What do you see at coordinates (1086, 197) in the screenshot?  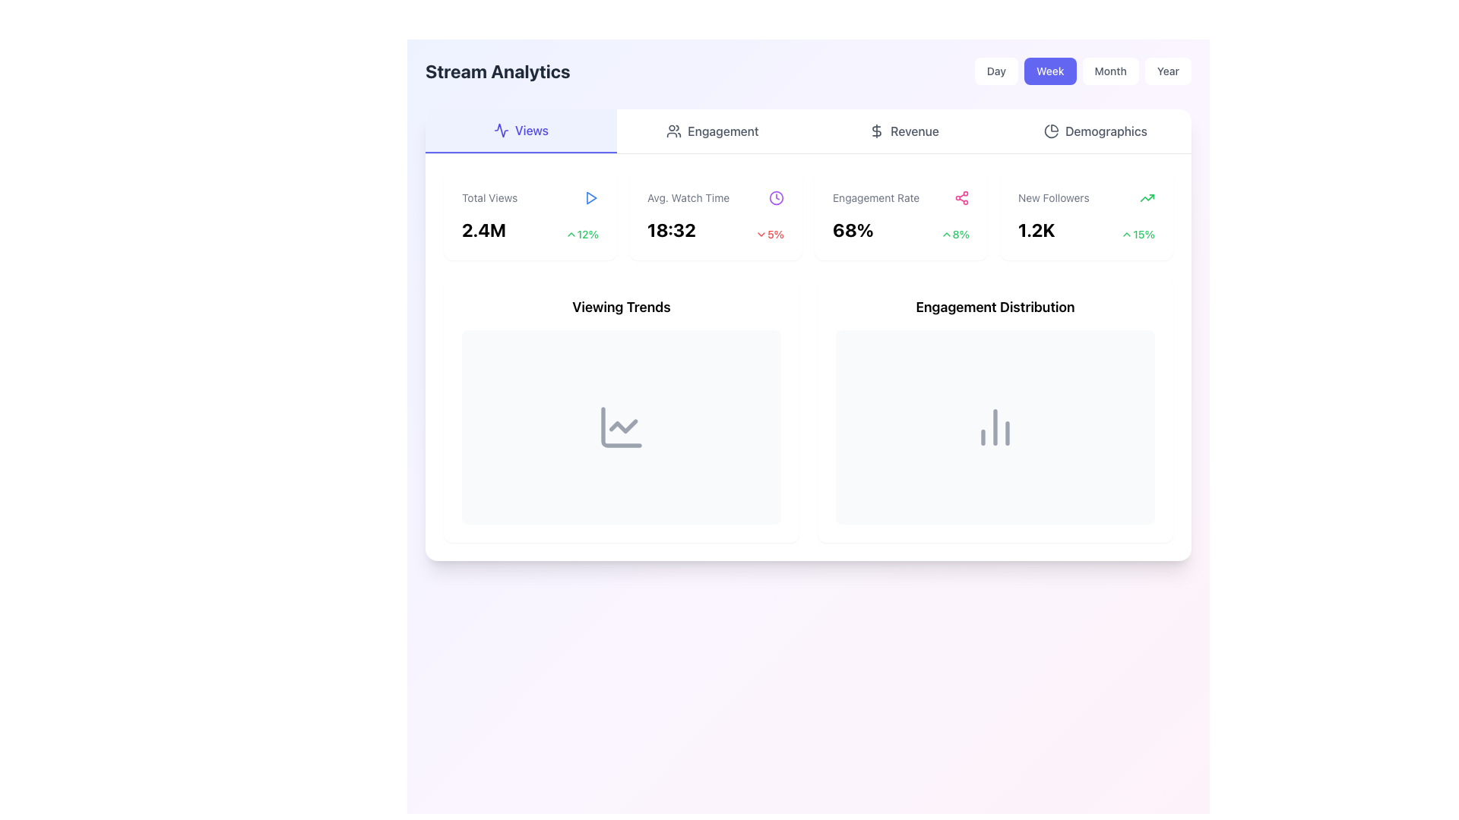 I see `text label indicating the number of new followers, located at the top-right section of the dashboard card titled 'New Followers', adjacent to the numerical indicator '1.2K' and the green percentage indicator '15%'` at bounding box center [1086, 197].